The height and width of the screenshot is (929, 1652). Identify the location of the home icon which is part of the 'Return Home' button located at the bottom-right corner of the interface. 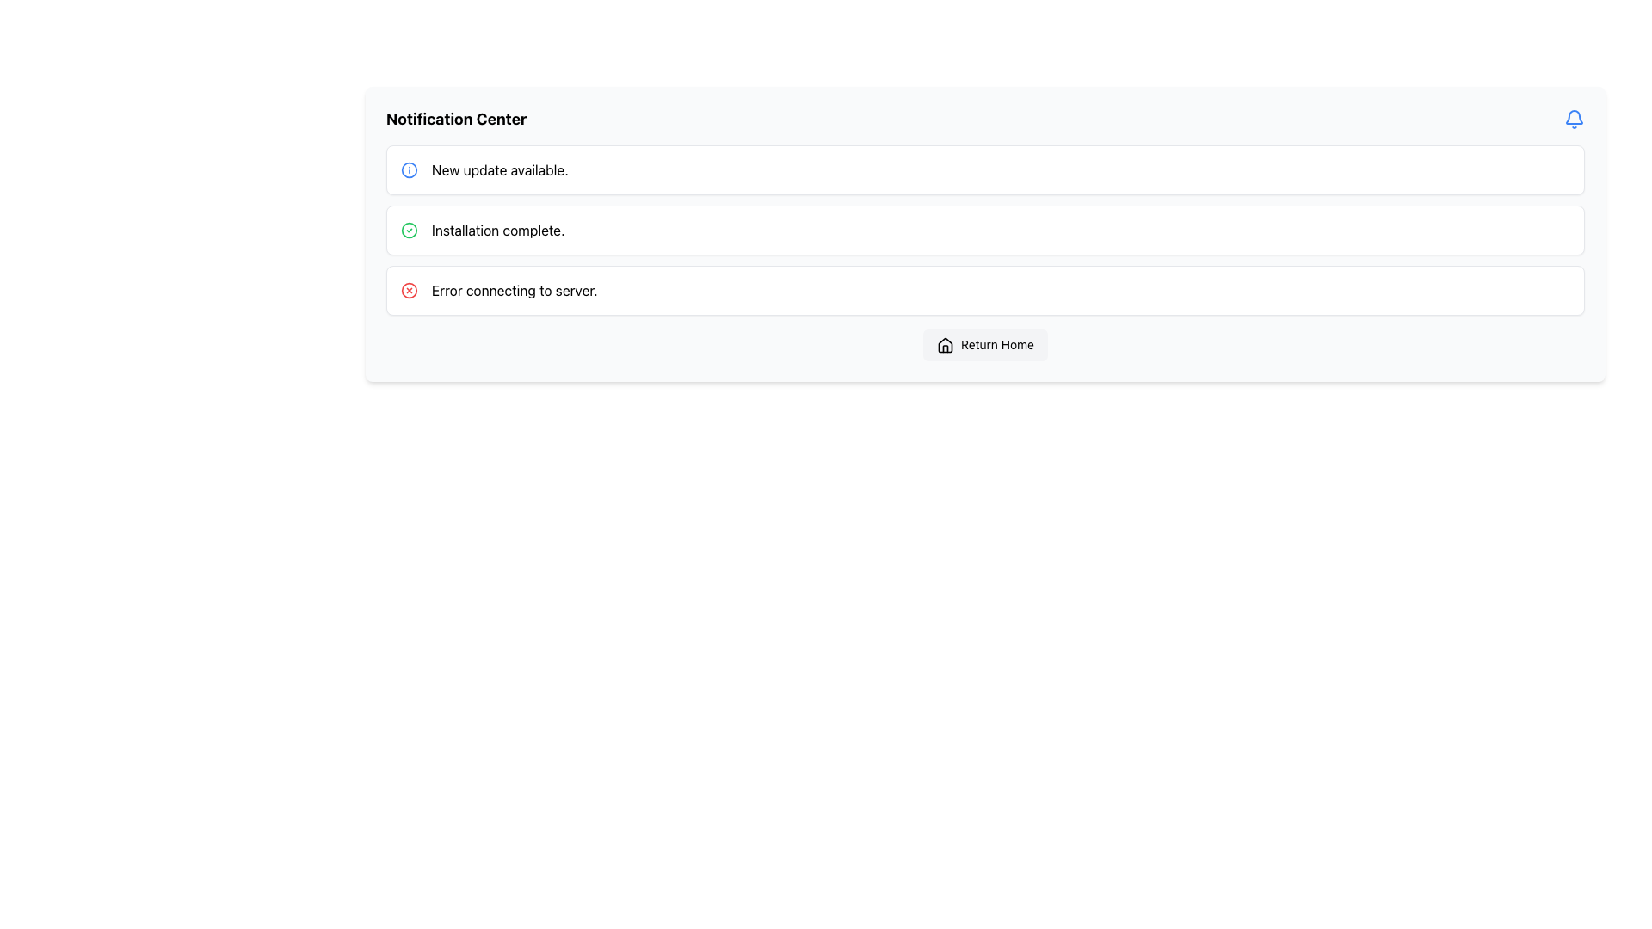
(945, 346).